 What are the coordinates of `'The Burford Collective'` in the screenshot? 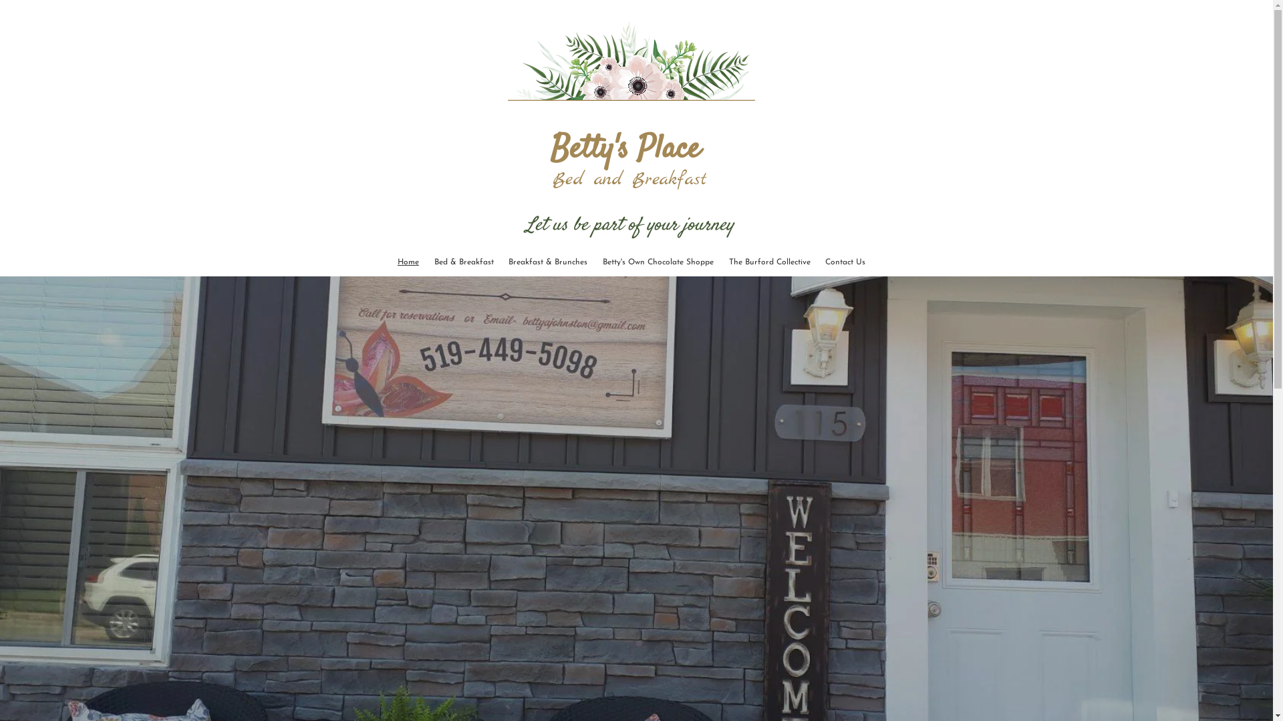 It's located at (769, 262).